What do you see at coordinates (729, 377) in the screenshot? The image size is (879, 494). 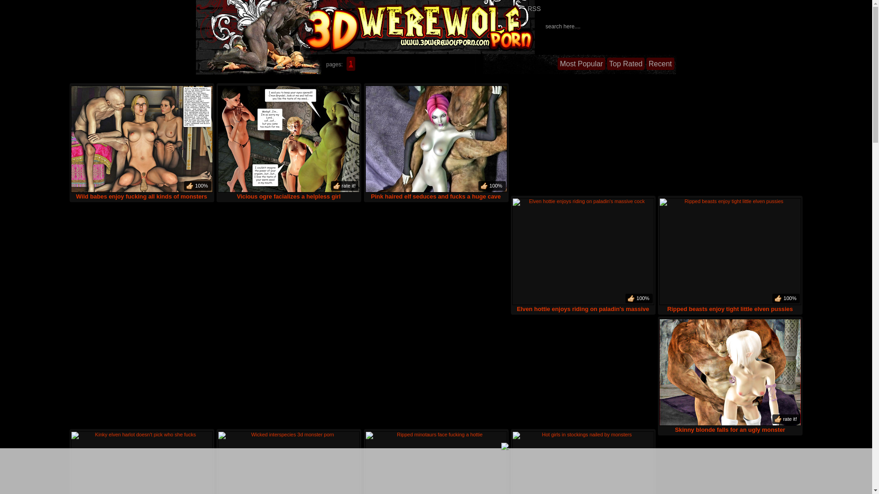 I see `'Skinny blonde falls for an ugly monster'` at bounding box center [729, 377].